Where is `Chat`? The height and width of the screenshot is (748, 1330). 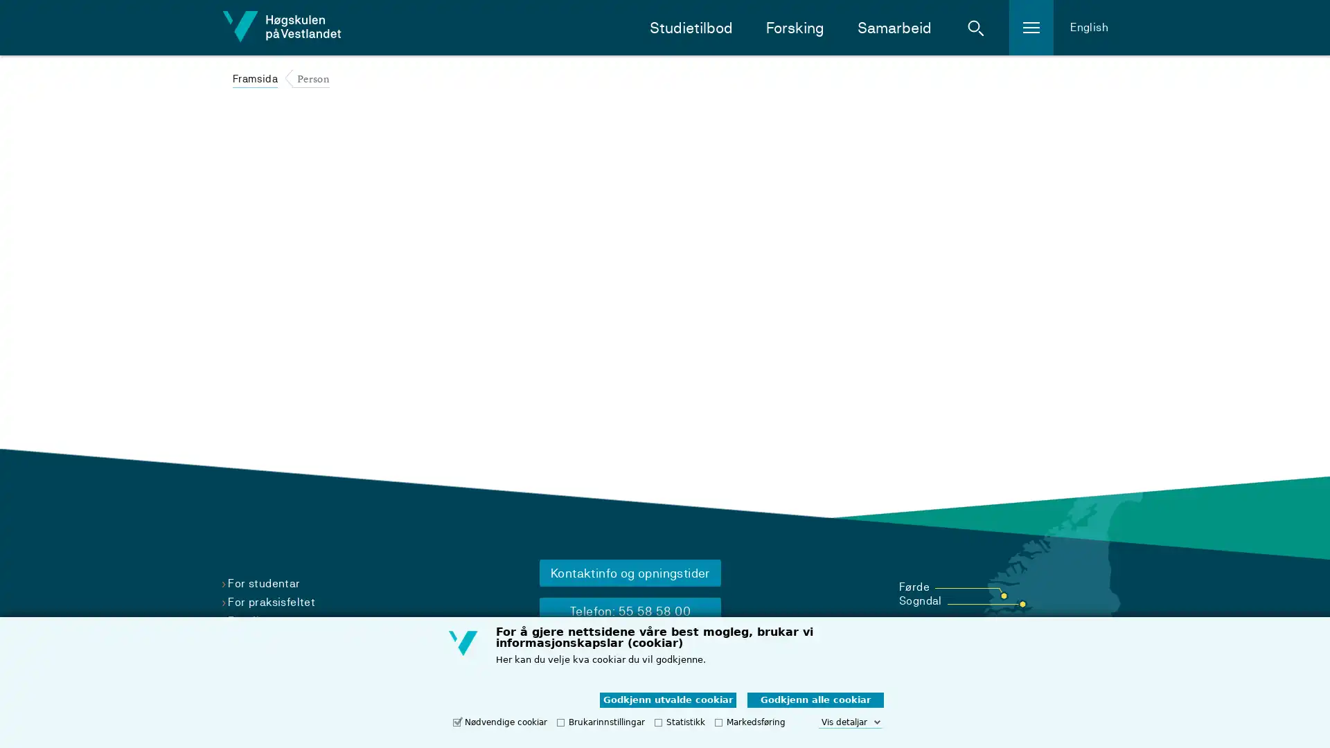 Chat is located at coordinates (1271, 715).